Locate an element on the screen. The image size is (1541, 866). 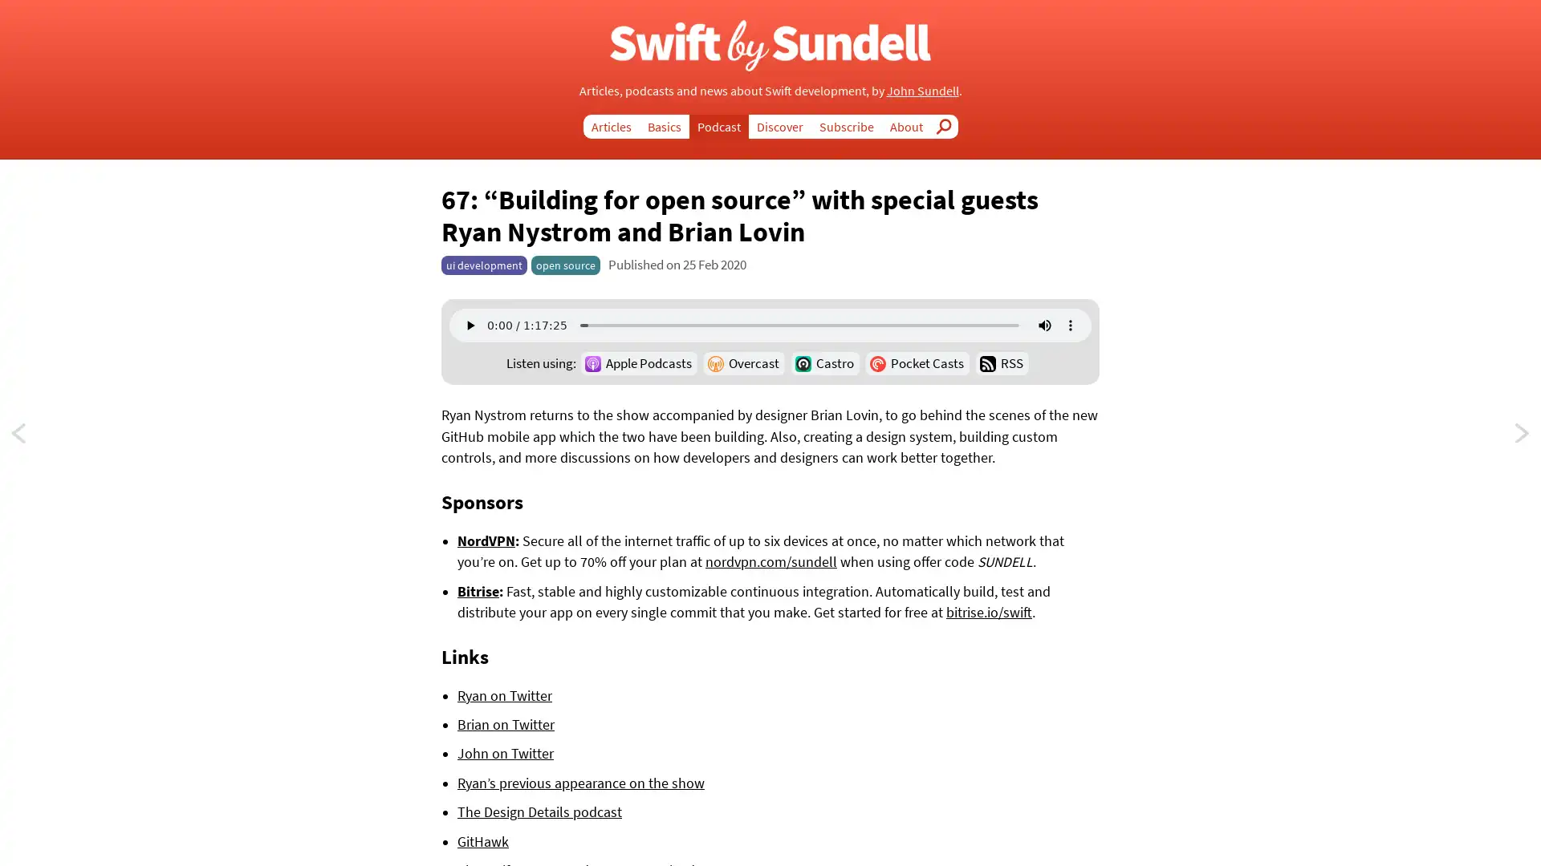
mute is located at coordinates (1044, 325).